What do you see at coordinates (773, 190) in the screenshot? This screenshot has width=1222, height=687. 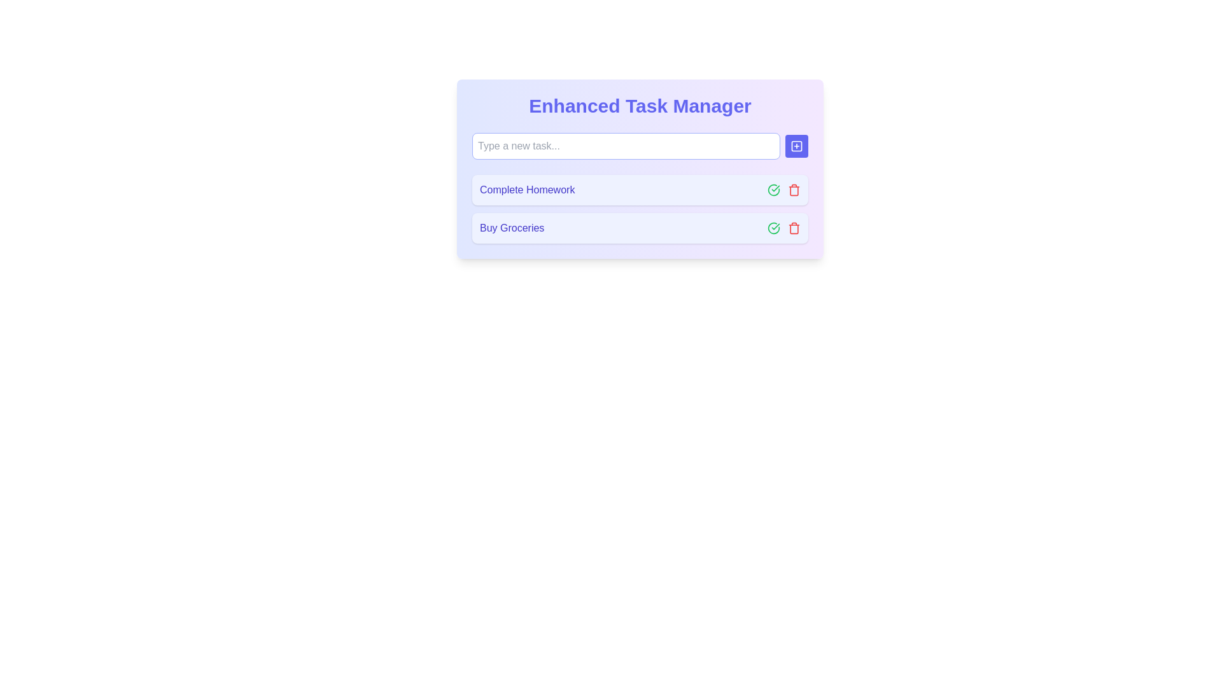 I see `the green circular checkmark icon indicating completion or success in the 'Buy Groceries' task row, located to the left of the trash icon` at bounding box center [773, 190].